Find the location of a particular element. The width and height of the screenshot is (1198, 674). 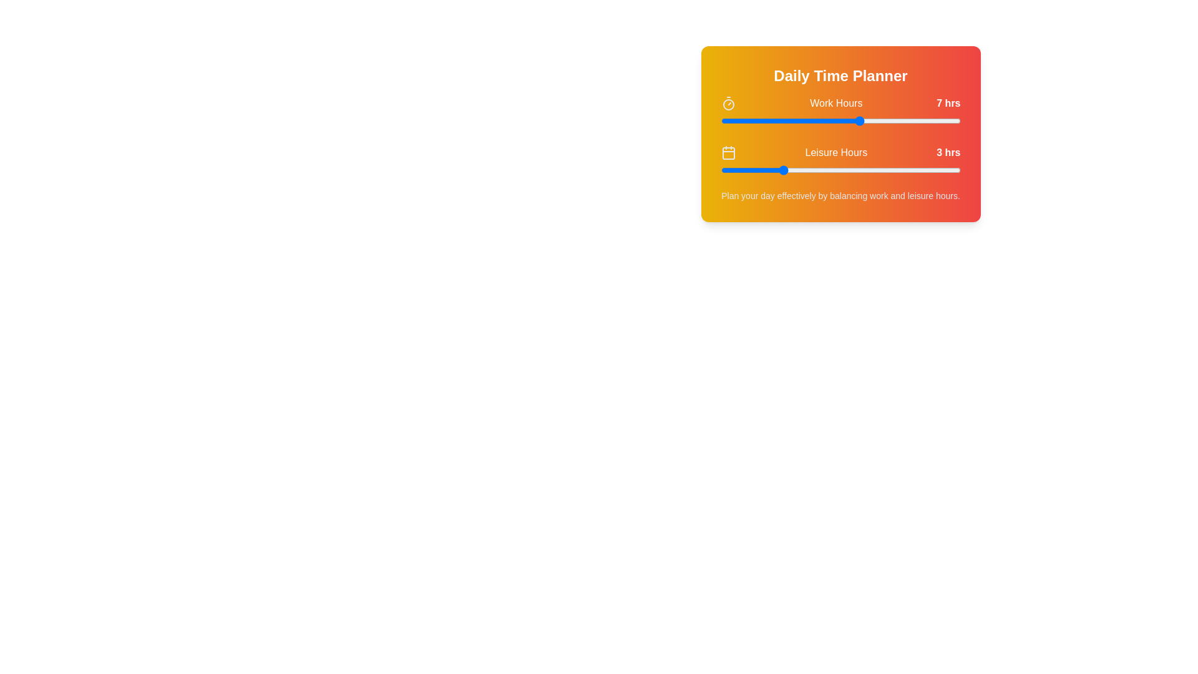

the 'Work Hours' icon located on the leftmost side of the 'Work Hours' section, adjacent to the label 'Work Hours' and the numerical representation '7 hrs' is located at coordinates (728, 102).